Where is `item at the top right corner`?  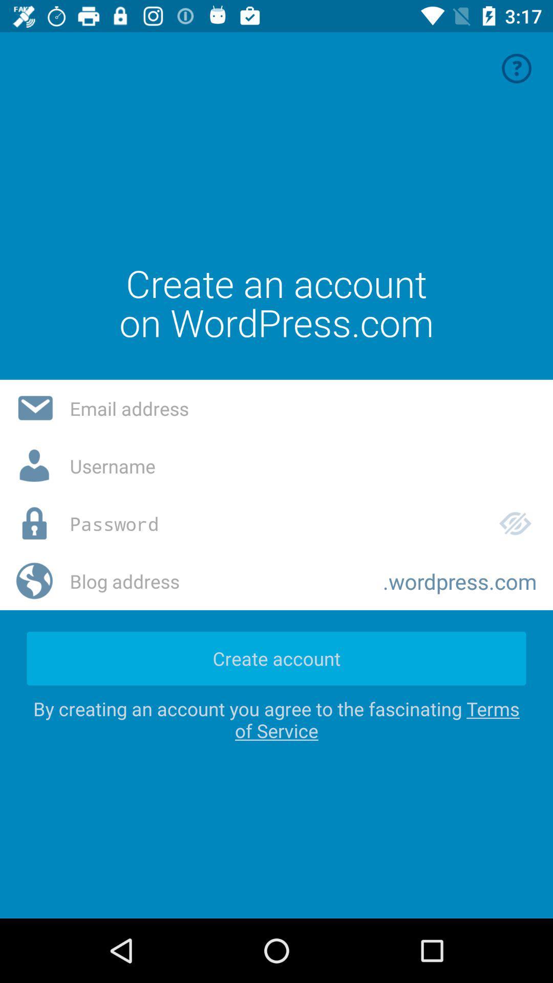
item at the top right corner is located at coordinates (517, 68).